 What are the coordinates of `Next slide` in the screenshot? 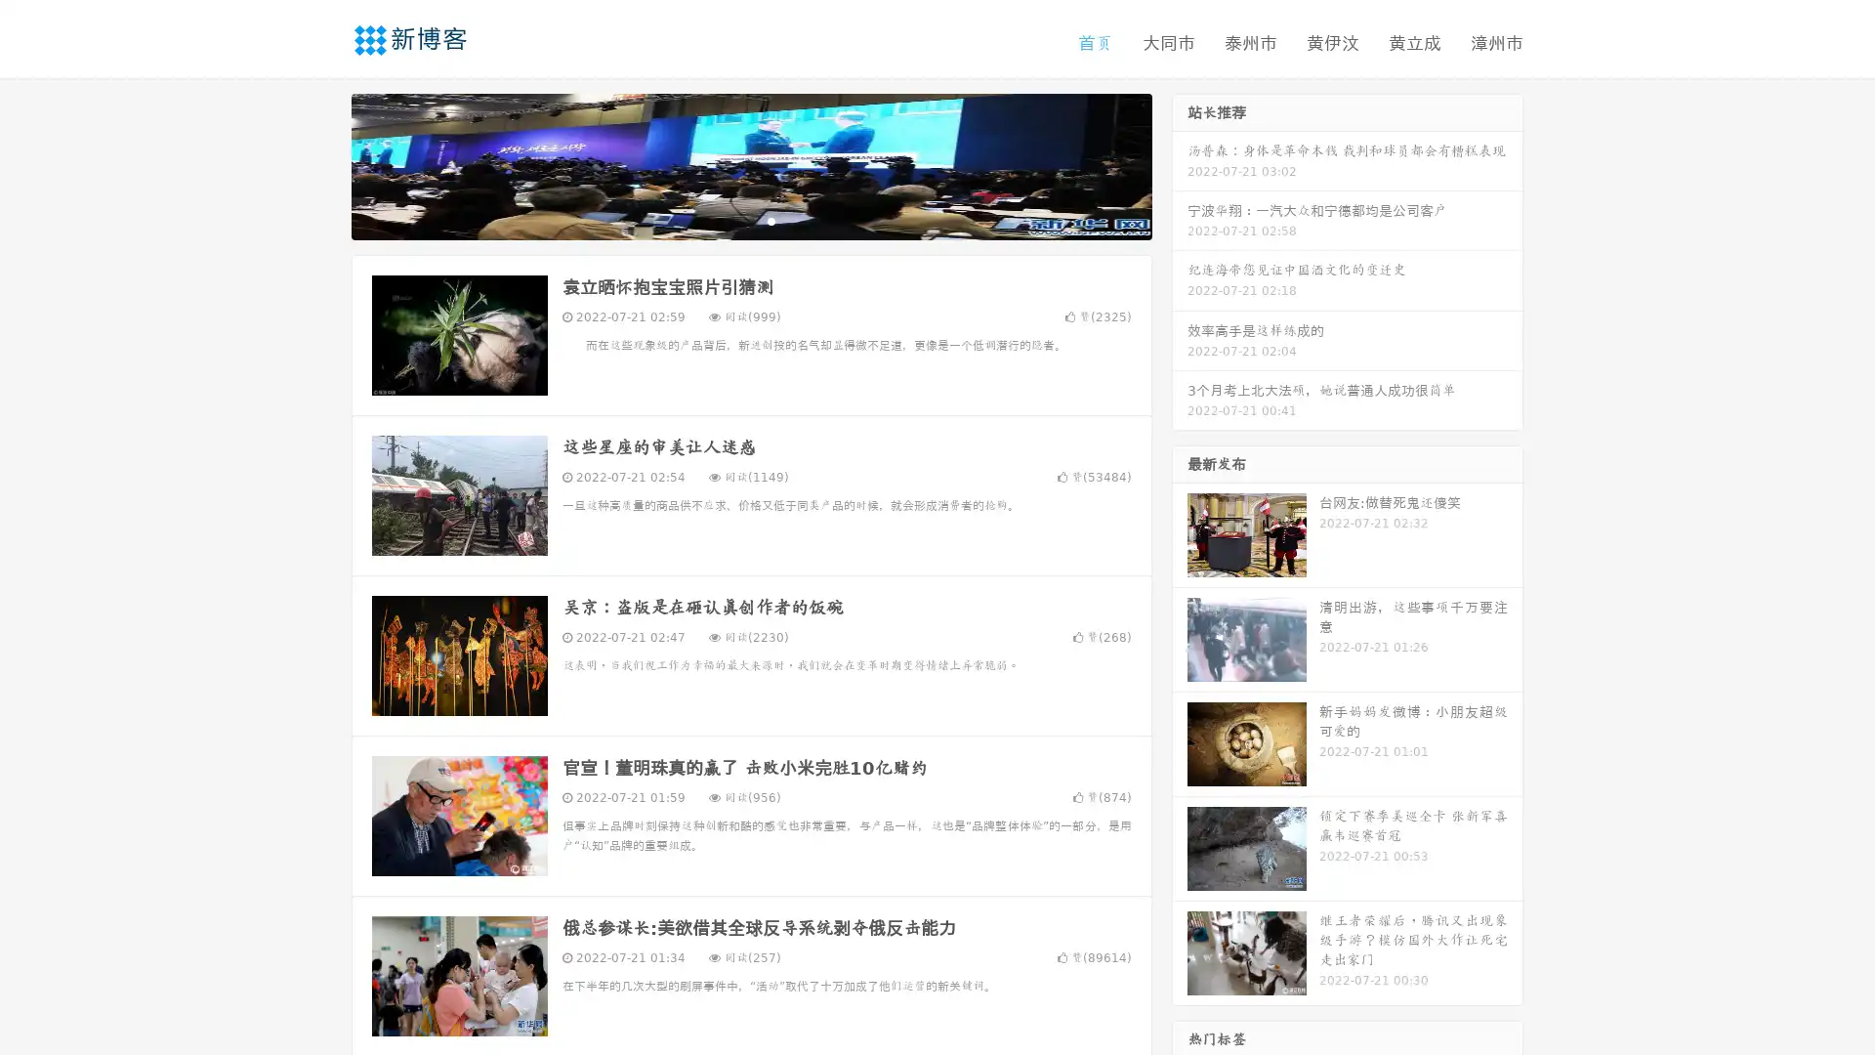 It's located at (1180, 164).